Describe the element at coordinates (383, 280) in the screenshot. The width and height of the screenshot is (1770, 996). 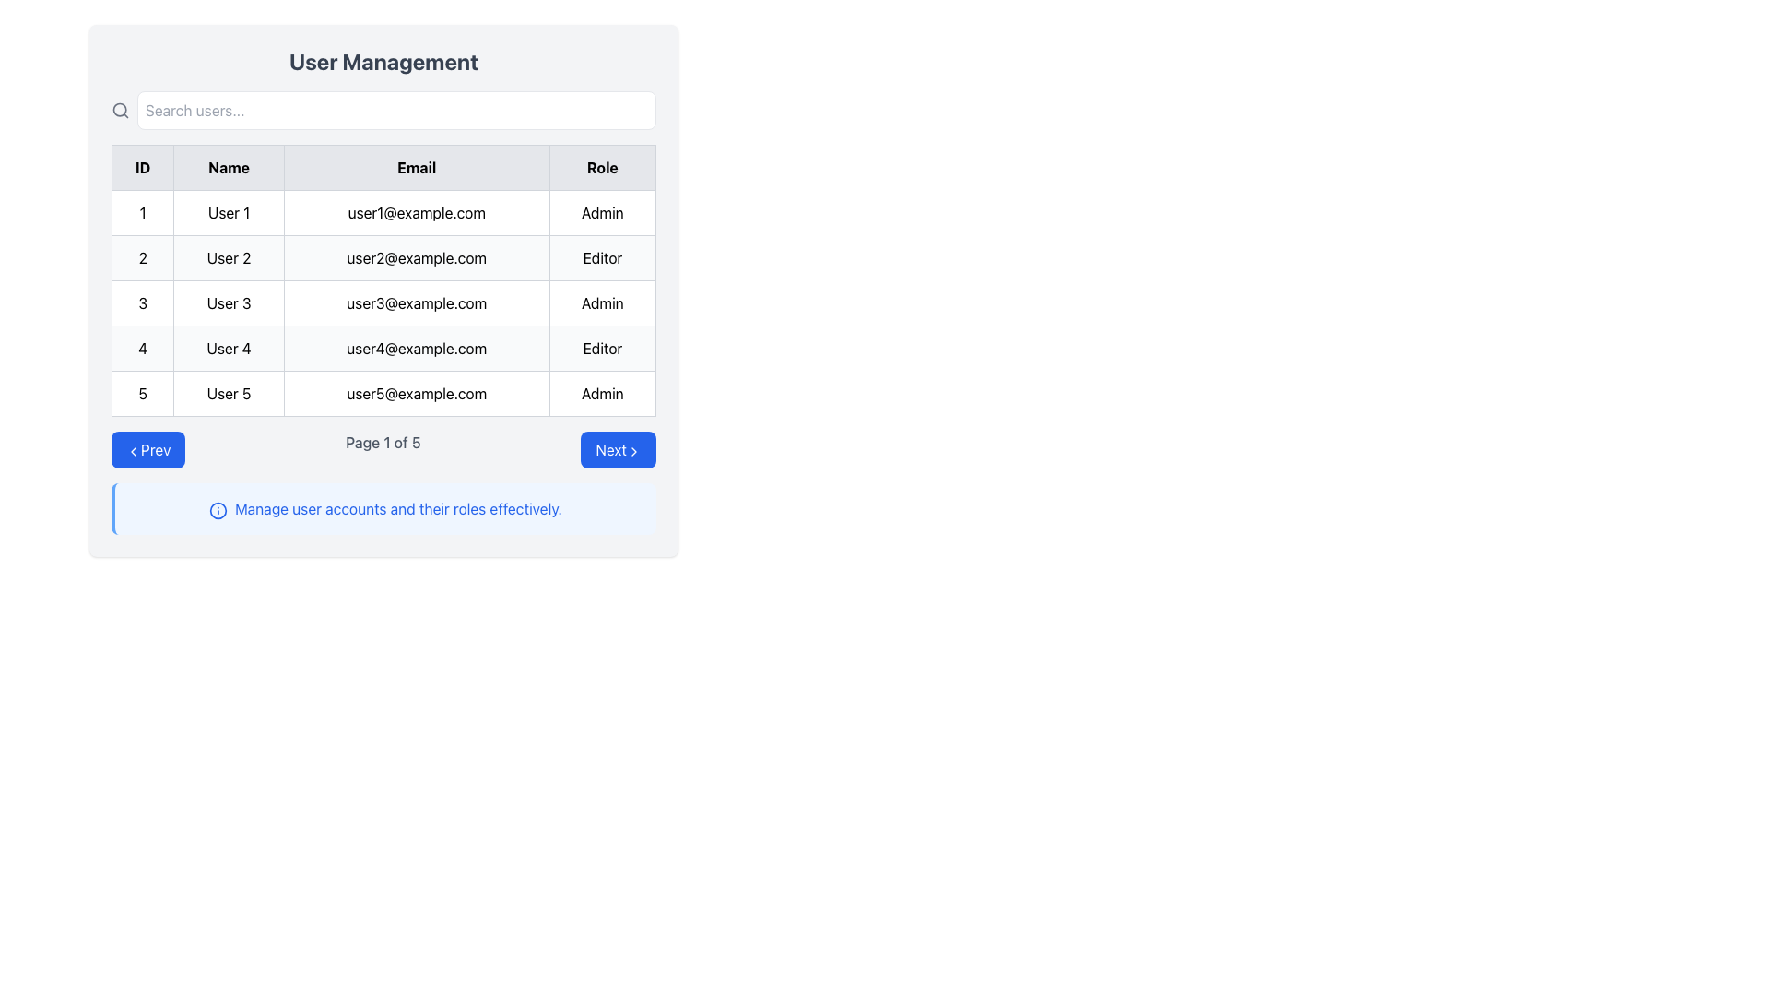
I see `specific rows or cells in the centrally located Data Table under the 'User Management' header` at that location.